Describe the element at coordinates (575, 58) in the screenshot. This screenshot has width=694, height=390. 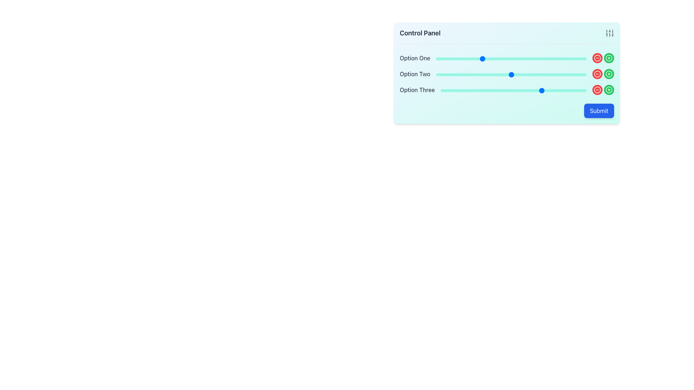
I see `the slider` at that location.